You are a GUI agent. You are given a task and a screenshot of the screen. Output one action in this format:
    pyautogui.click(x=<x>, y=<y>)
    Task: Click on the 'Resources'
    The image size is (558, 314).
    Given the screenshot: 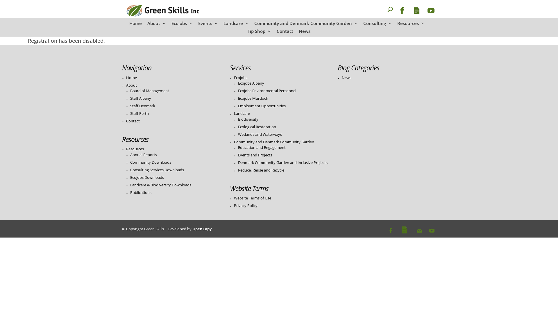 What is the action you would take?
    pyautogui.click(x=135, y=149)
    